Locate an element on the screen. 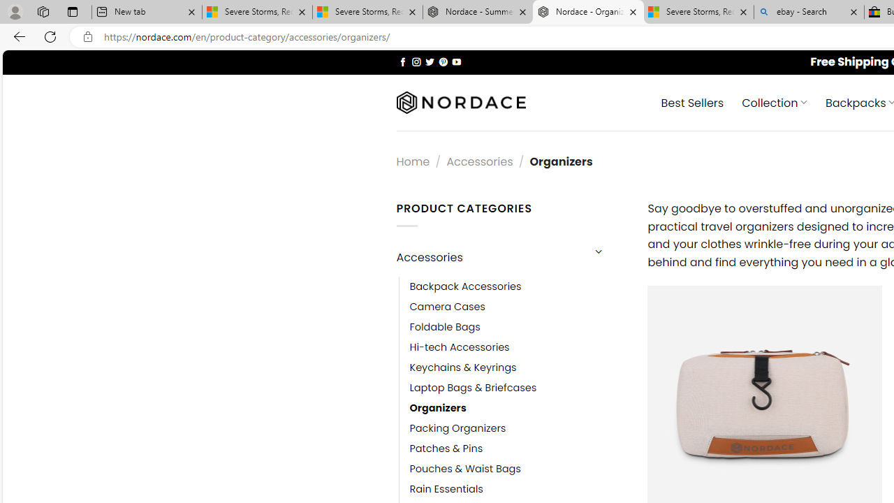 The height and width of the screenshot is (503, 894). 'Backpack Accessories' is located at coordinates (518, 286).